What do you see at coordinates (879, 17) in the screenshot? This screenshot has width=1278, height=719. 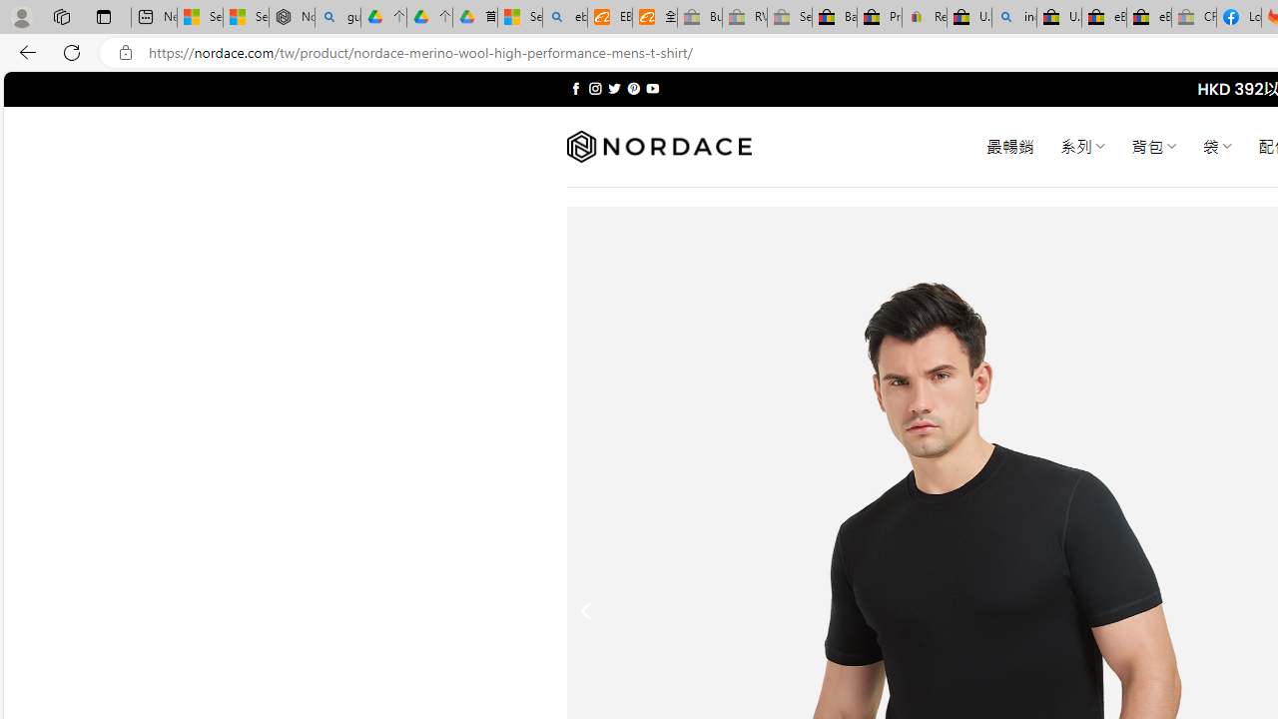 I see `'Press Room - eBay Inc.'` at bounding box center [879, 17].